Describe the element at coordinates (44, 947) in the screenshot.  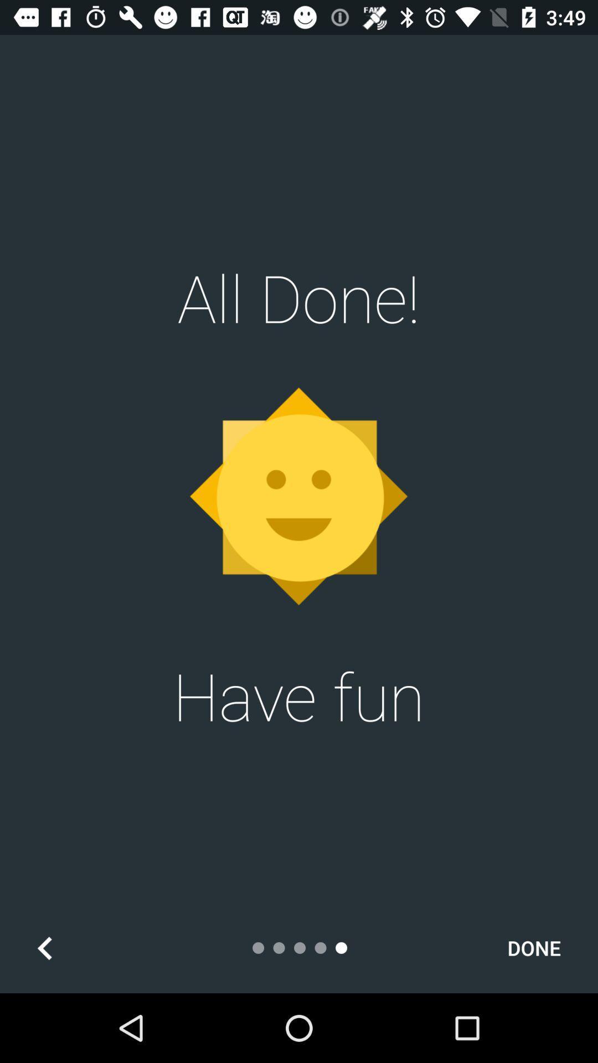
I see `the icon at the bottom left corner` at that location.